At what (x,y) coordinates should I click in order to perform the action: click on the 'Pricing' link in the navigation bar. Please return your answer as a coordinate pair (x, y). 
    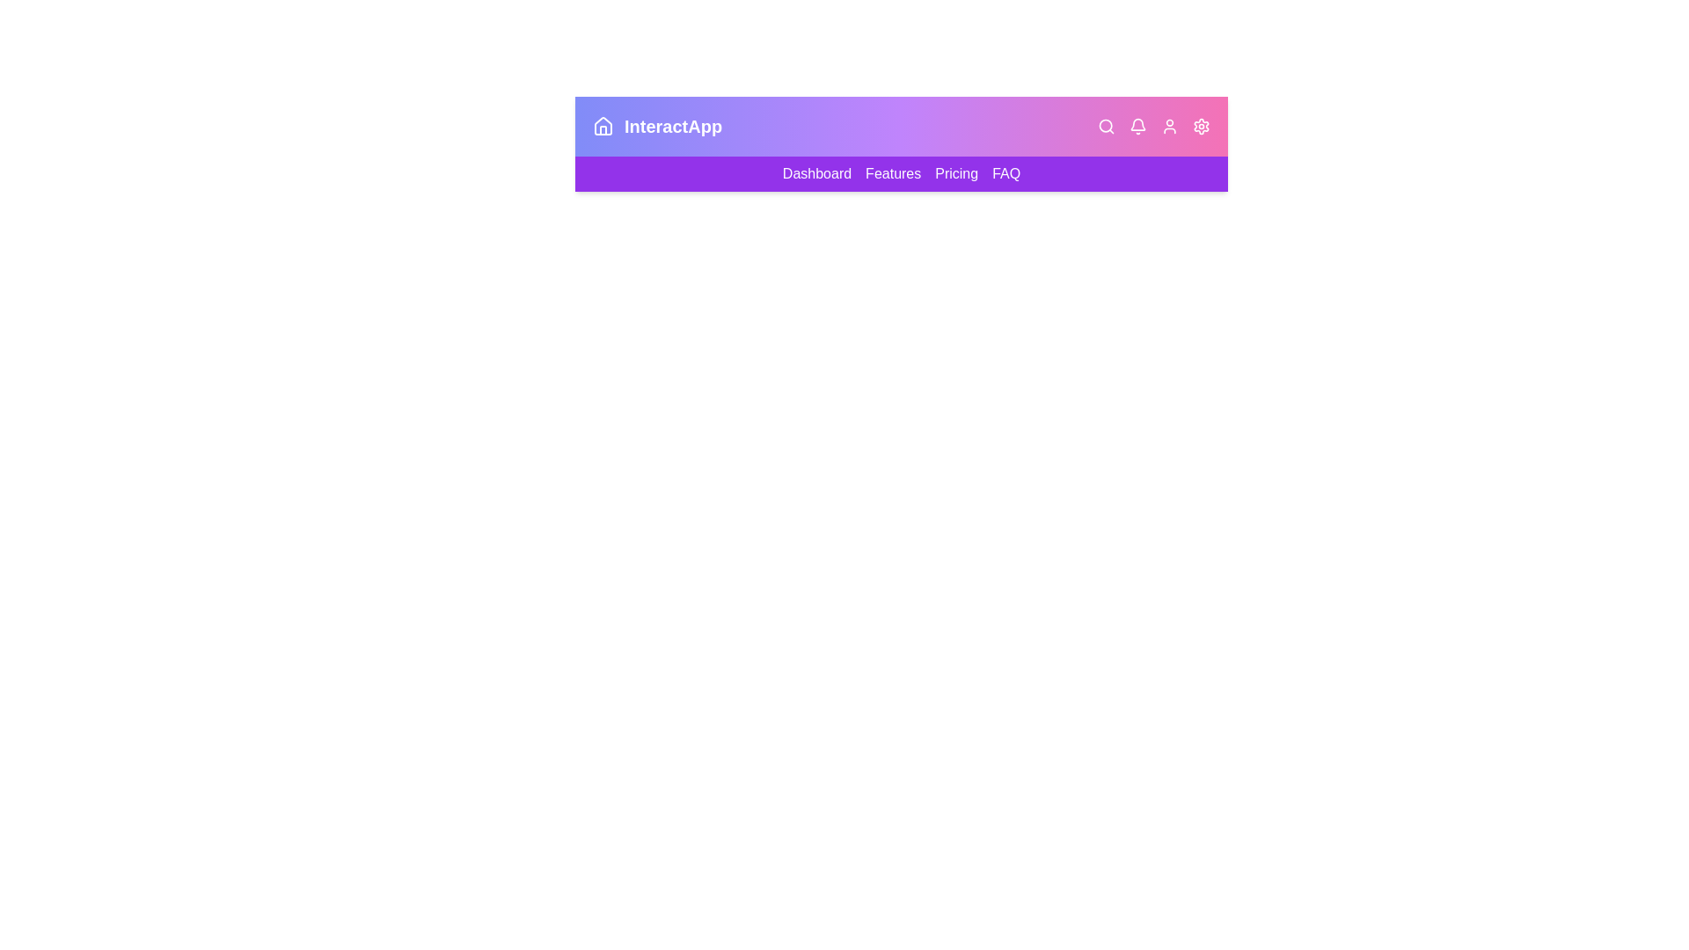
    Looking at the image, I should click on (954, 173).